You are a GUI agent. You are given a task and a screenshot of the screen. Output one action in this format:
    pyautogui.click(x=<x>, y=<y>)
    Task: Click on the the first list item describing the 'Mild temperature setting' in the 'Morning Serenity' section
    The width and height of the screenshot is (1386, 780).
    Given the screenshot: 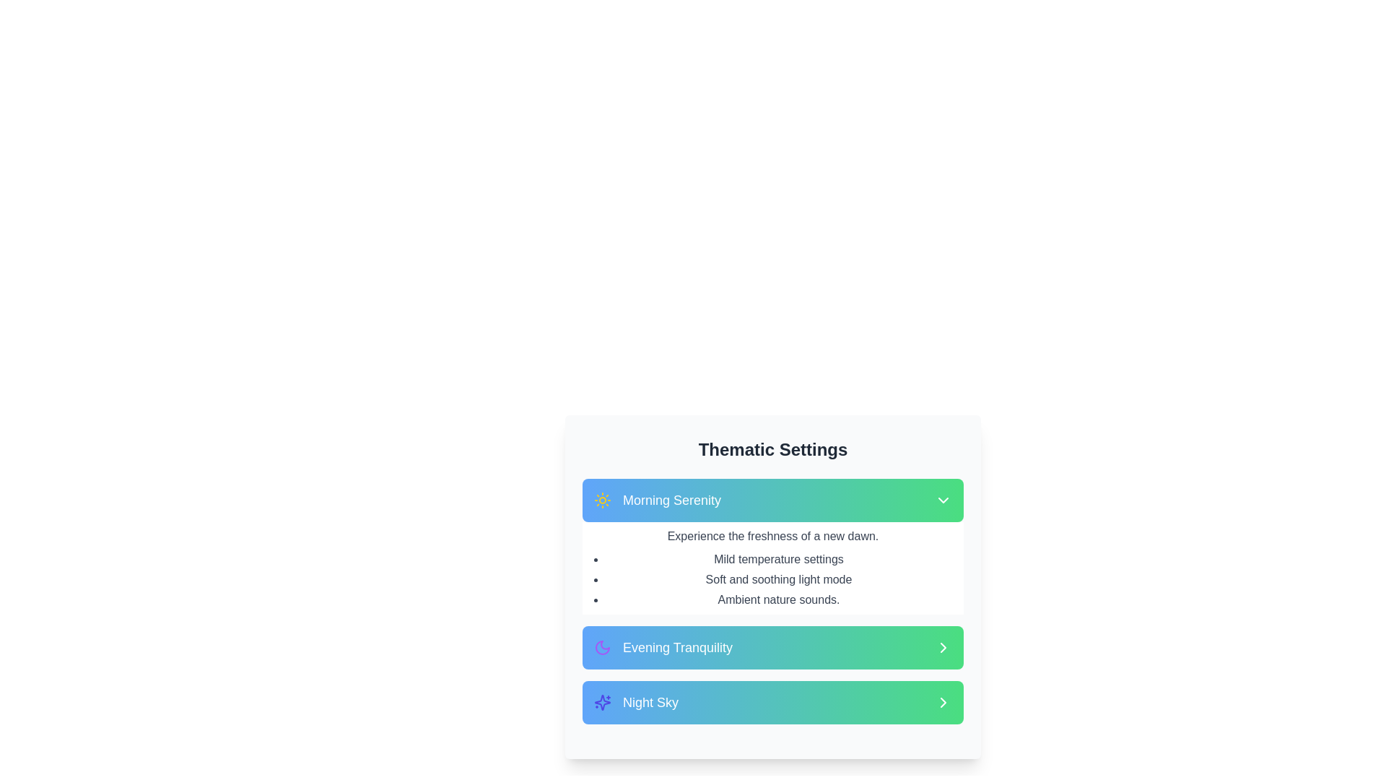 What is the action you would take?
    pyautogui.click(x=778, y=559)
    